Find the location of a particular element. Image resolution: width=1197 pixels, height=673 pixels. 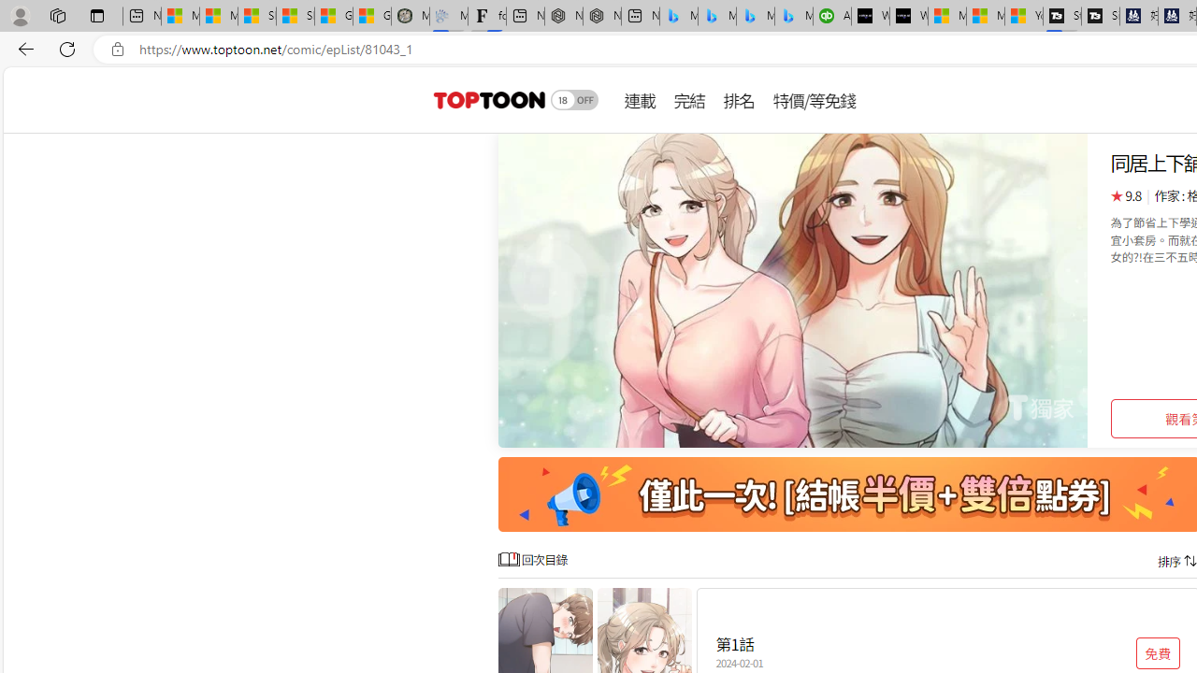

'Class:  switch_18mode actionAdultBtn' is located at coordinates (574, 99).